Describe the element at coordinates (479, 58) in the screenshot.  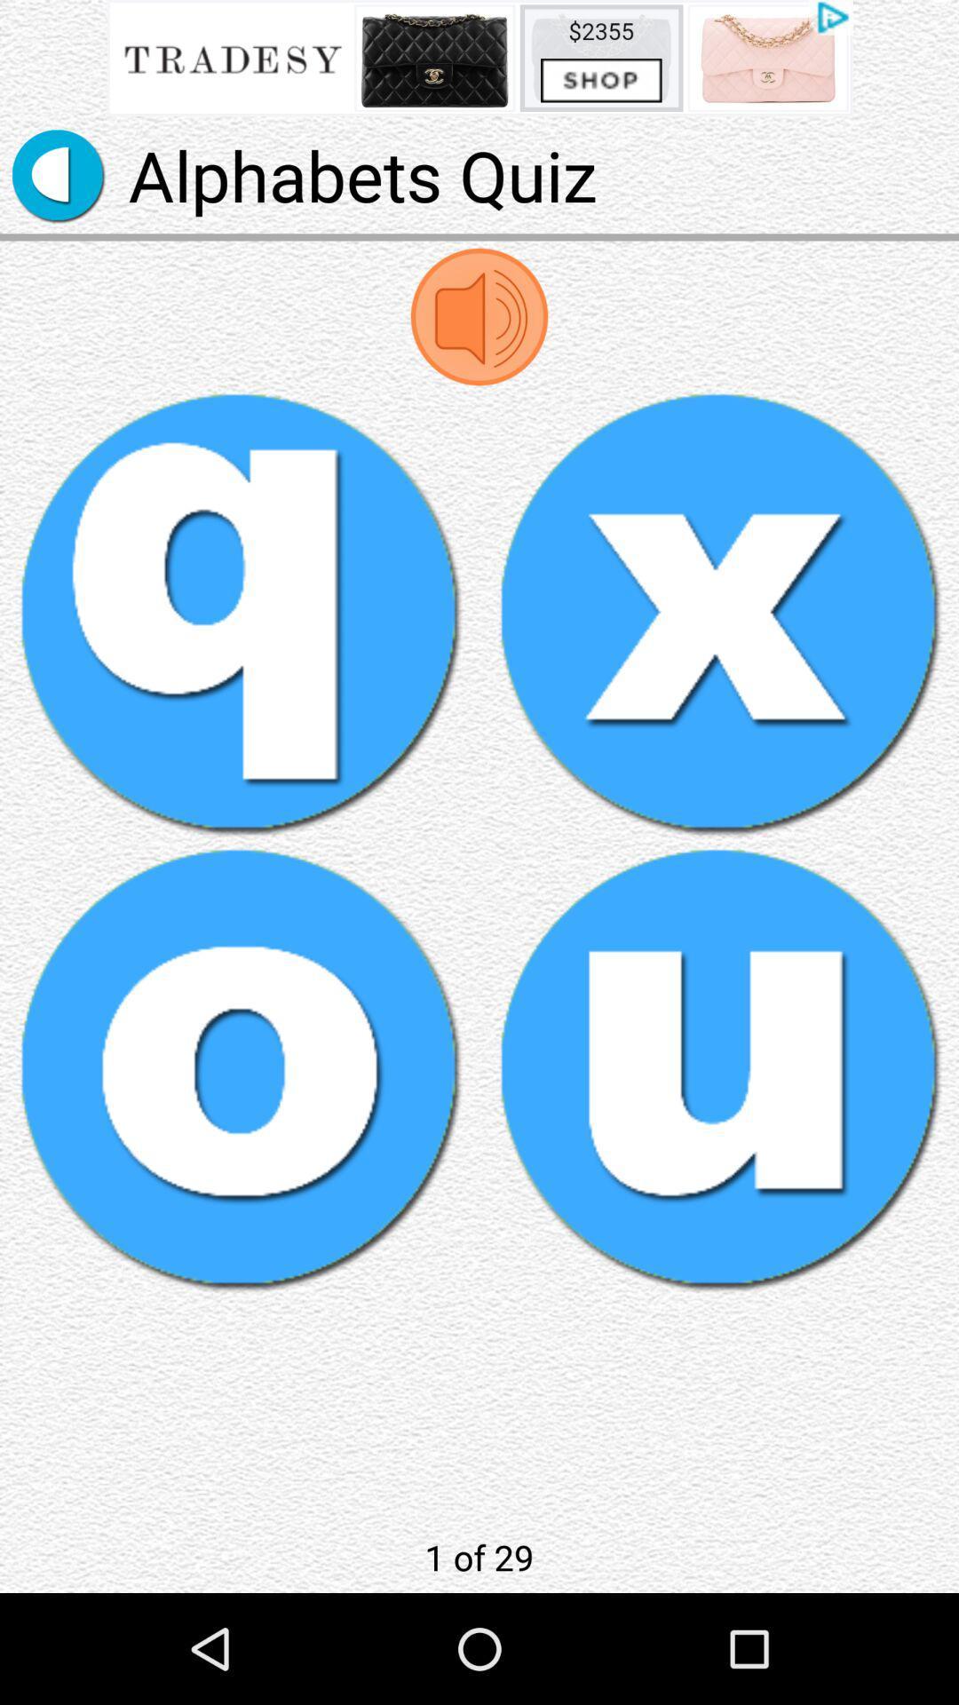
I see `advertisement website` at that location.